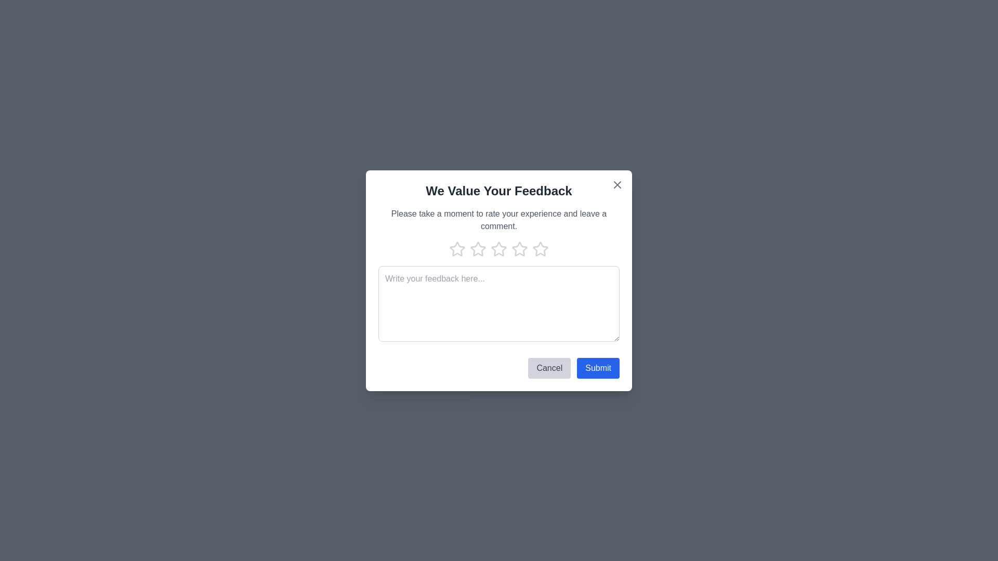 The width and height of the screenshot is (998, 561). I want to click on text of the Header Text, which is the title of the feedback form, located at the top of the dialog box, so click(499, 191).